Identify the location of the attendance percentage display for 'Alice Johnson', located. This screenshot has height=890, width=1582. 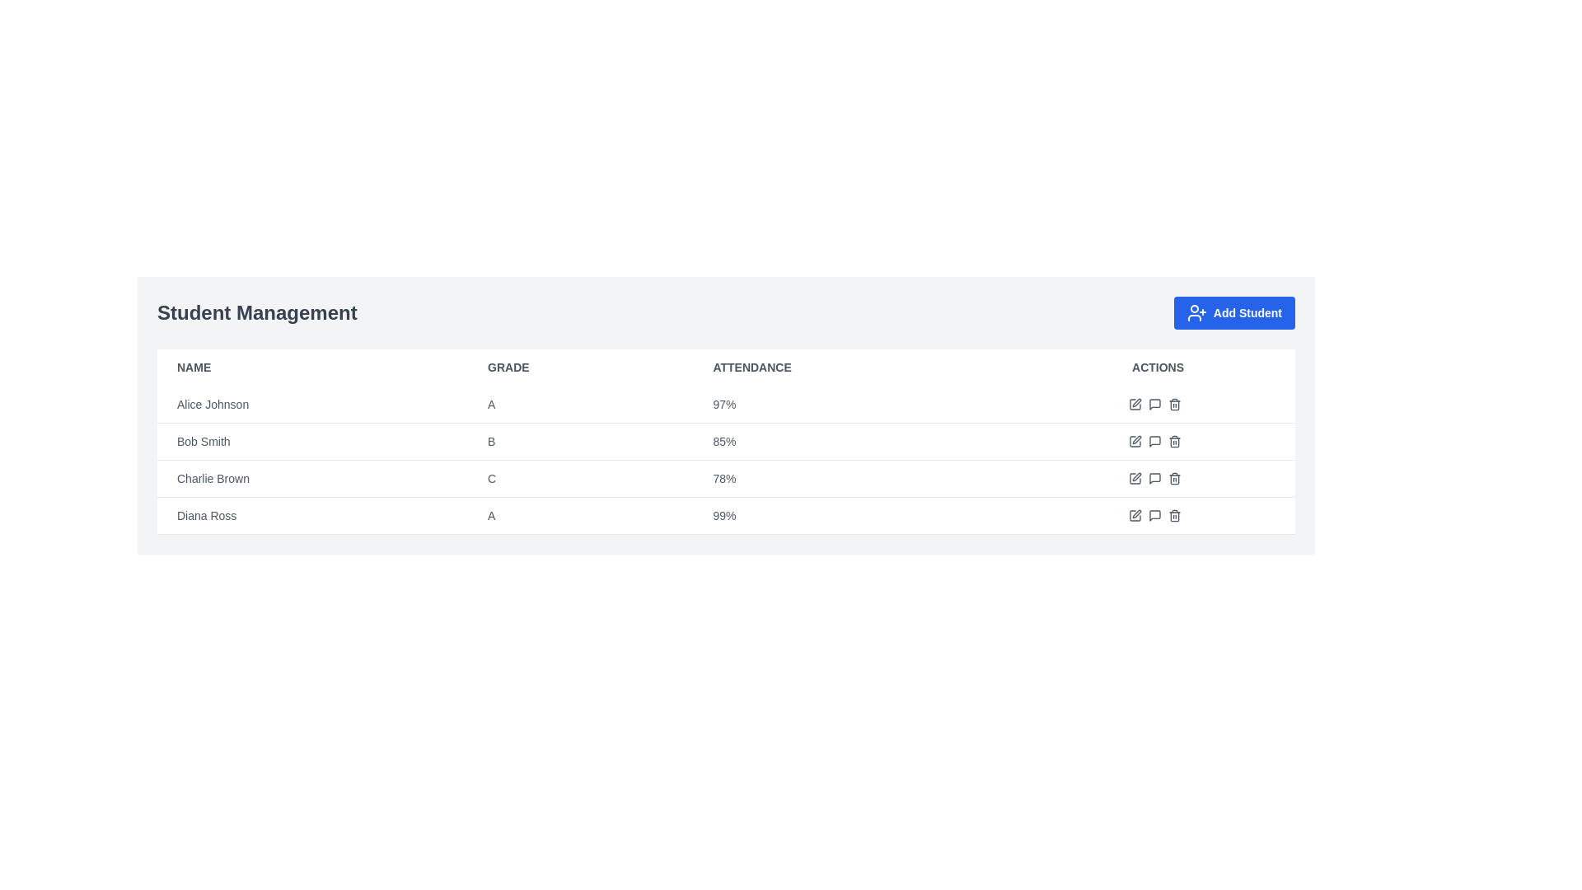
(857, 405).